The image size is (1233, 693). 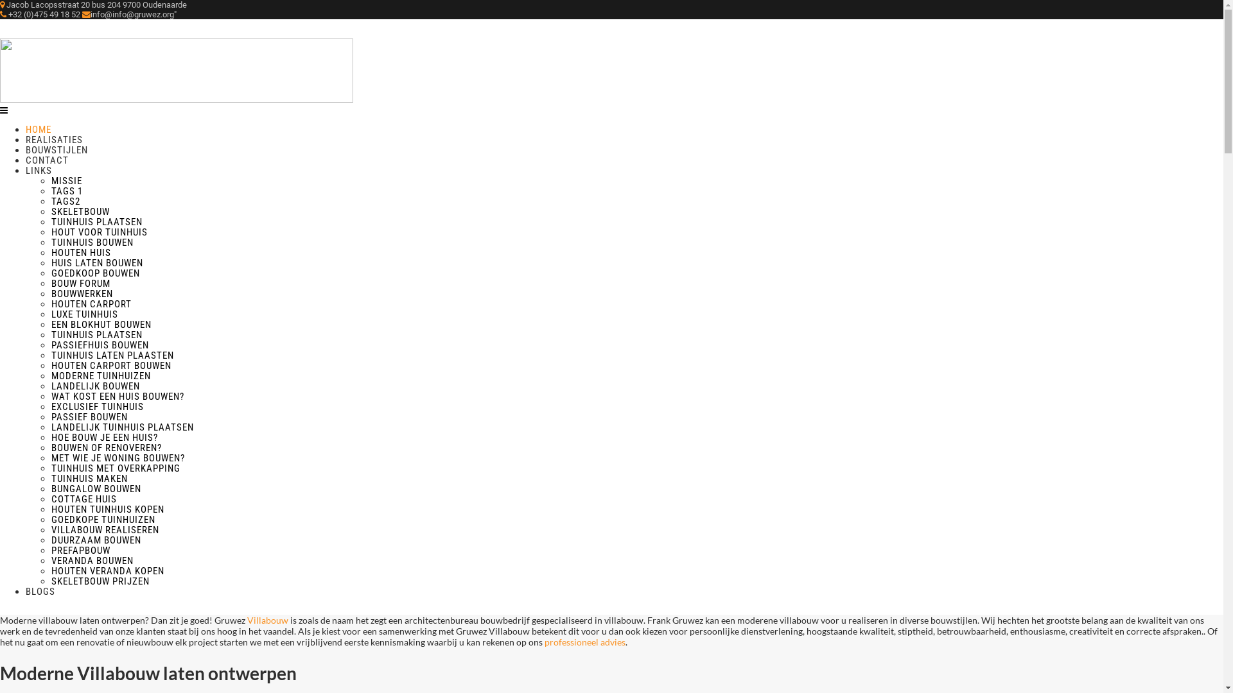 I want to click on 'PREFAPBOUW', so click(x=51, y=549).